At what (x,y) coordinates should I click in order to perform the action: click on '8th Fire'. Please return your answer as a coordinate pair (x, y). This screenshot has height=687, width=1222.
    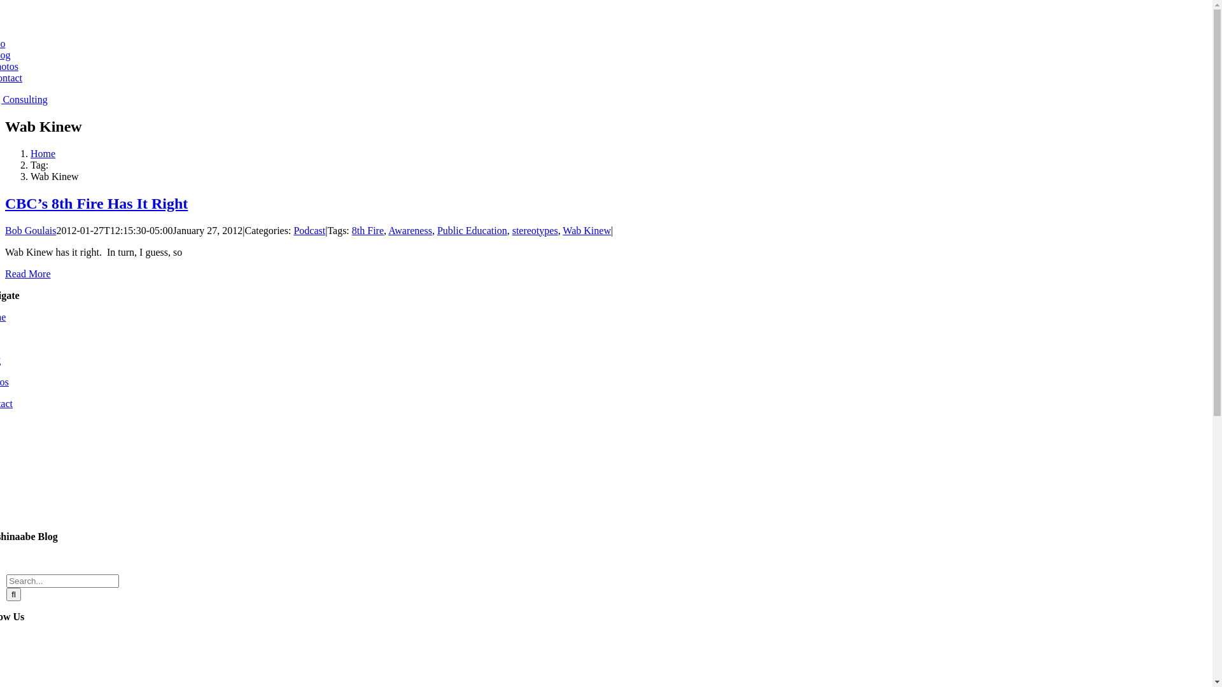
    Looking at the image, I should click on (367, 230).